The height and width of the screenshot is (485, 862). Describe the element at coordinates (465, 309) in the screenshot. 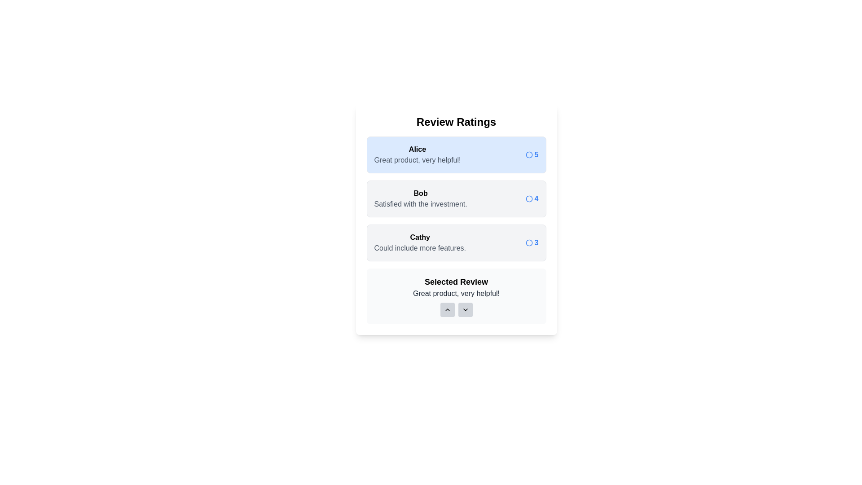

I see `the down button in the 'Selected Review' section` at that location.